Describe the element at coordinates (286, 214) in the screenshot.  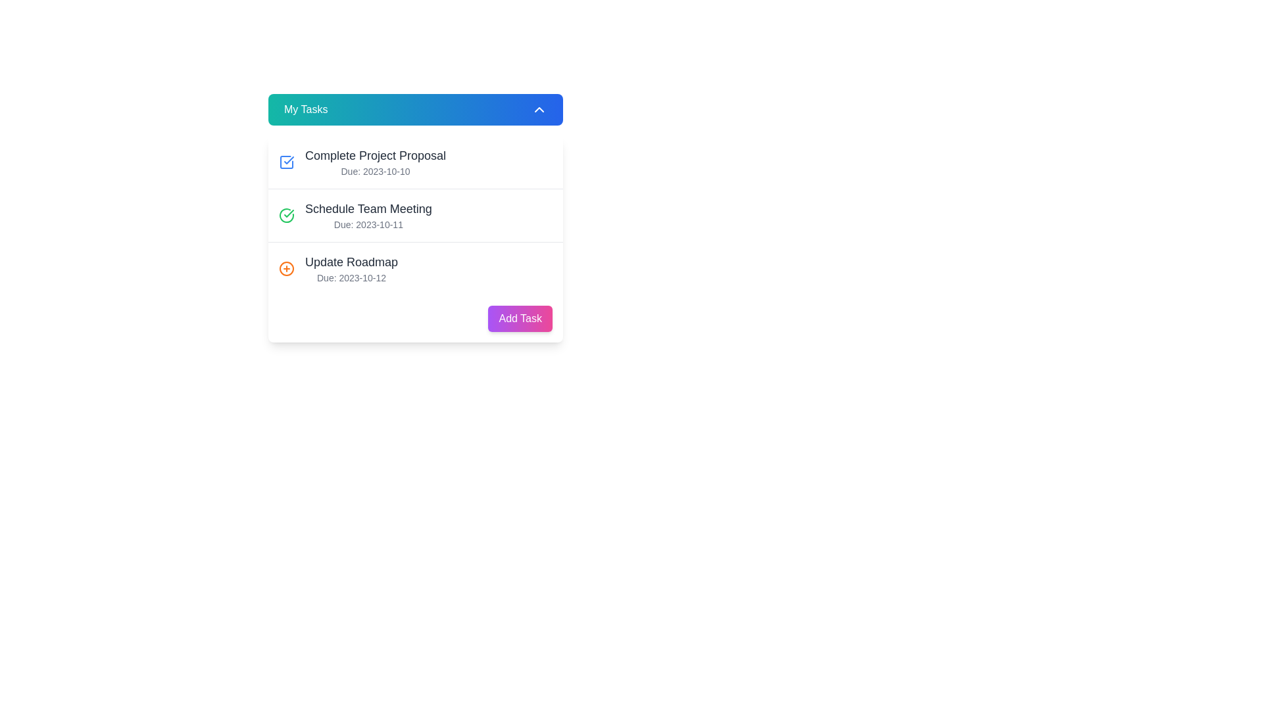
I see `the icon indicating a completed task titled 'Schedule Team Meeting', located to the left of the corresponding text in the task list` at that location.